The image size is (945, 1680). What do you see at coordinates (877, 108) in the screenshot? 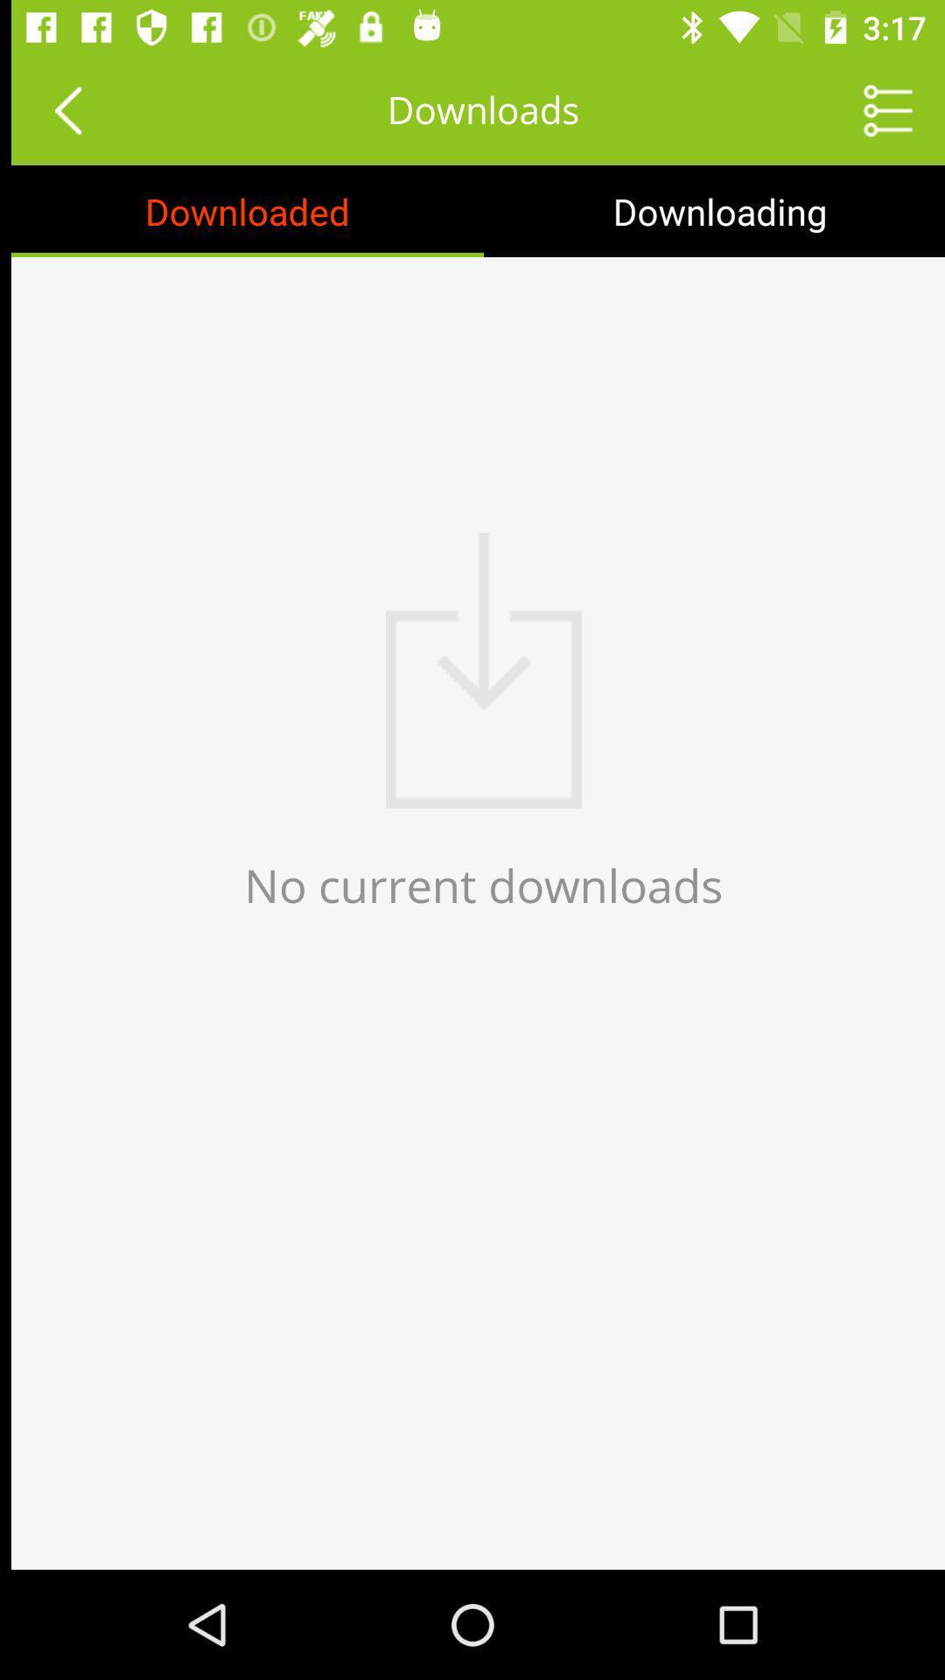
I see `the item next to the downloads icon` at bounding box center [877, 108].